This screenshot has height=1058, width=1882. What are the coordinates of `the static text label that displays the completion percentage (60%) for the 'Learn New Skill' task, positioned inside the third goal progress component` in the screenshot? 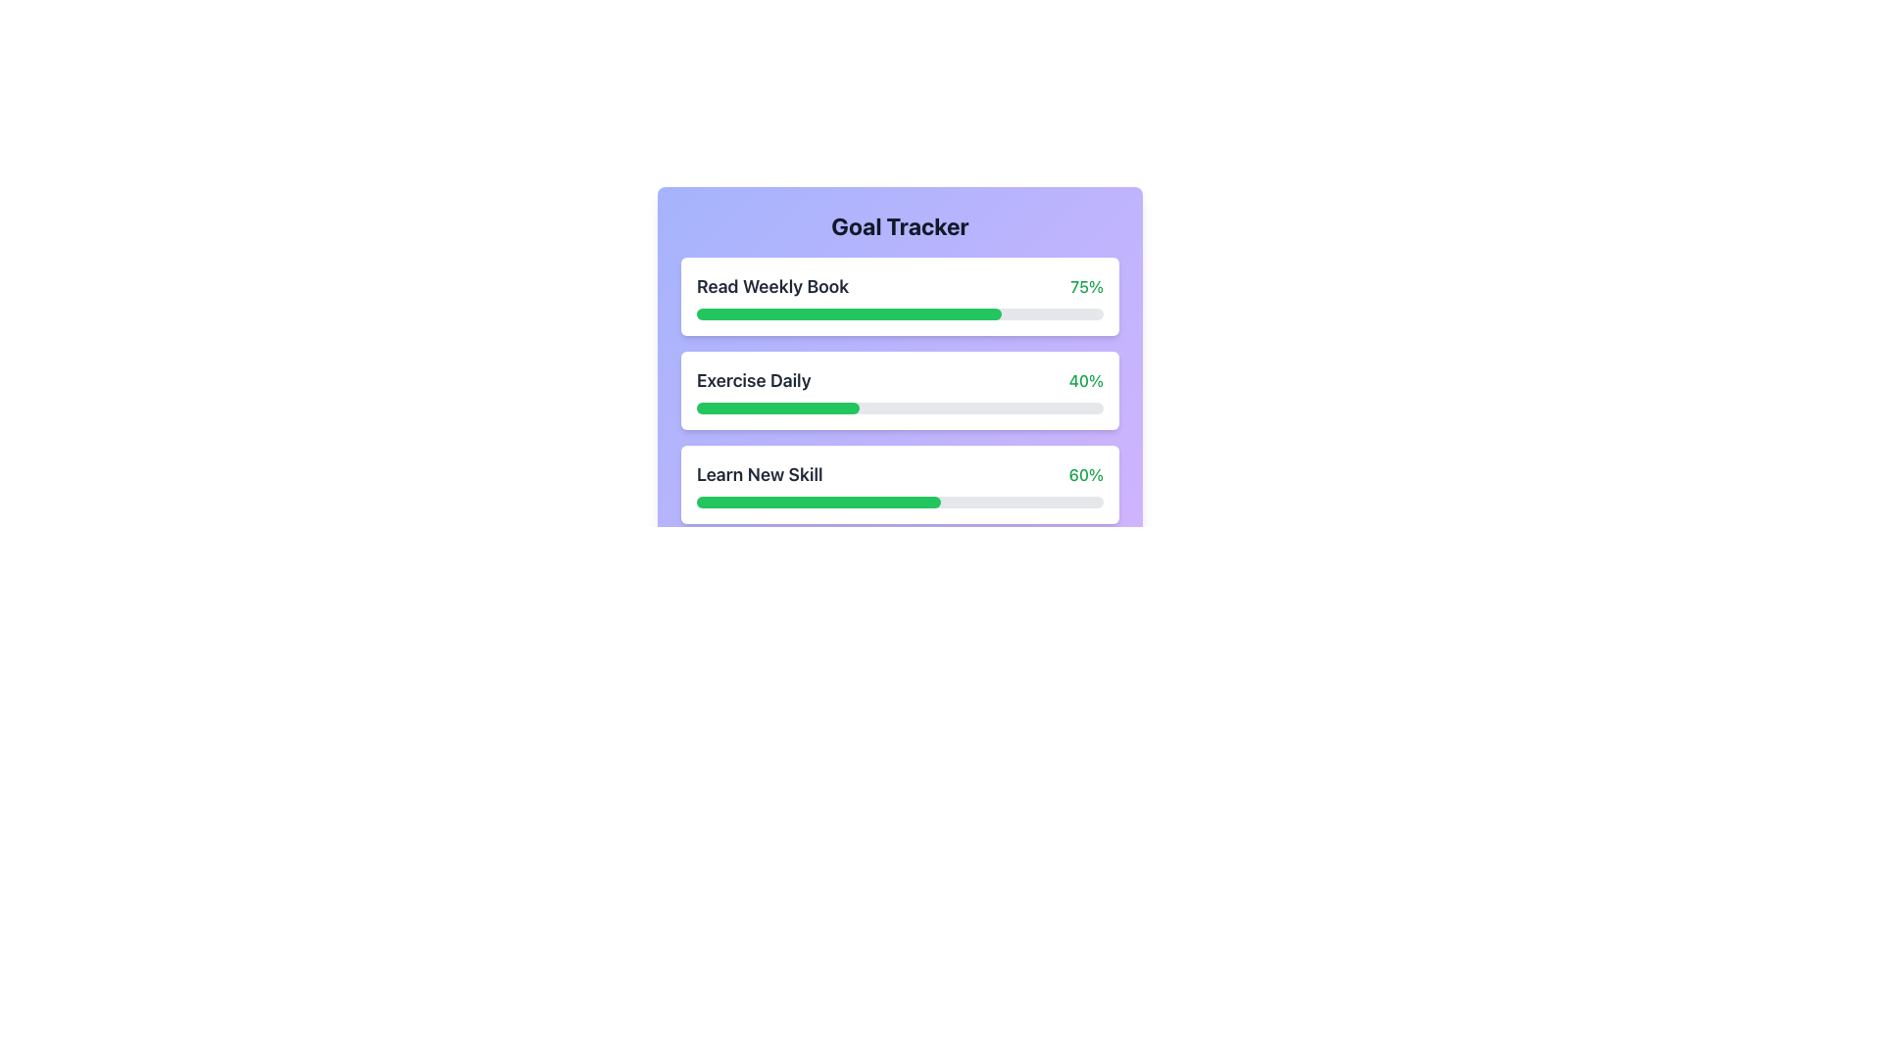 It's located at (1085, 475).